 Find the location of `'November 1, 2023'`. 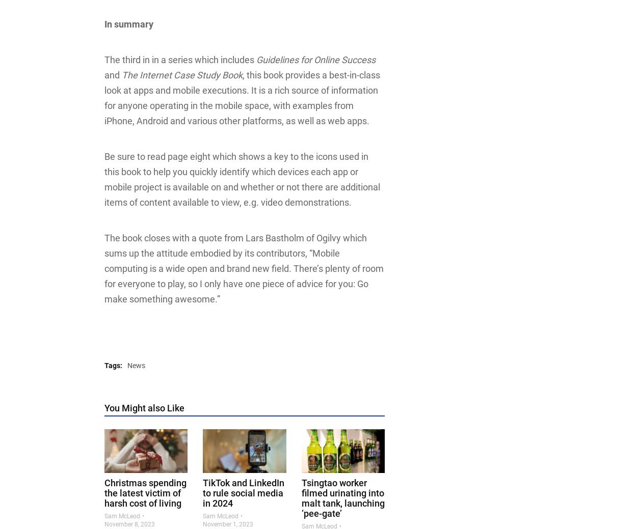

'November 1, 2023' is located at coordinates (227, 524).